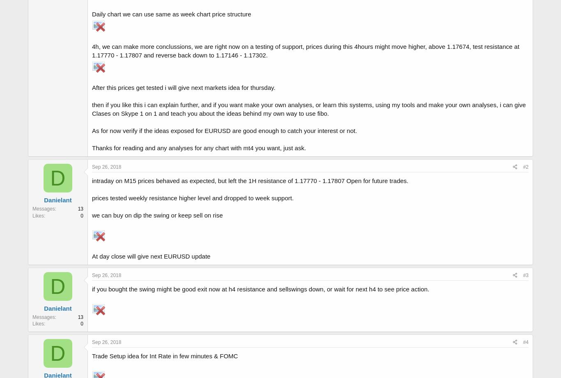 The width and height of the screenshot is (561, 378). What do you see at coordinates (525, 275) in the screenshot?
I see `'#3'` at bounding box center [525, 275].